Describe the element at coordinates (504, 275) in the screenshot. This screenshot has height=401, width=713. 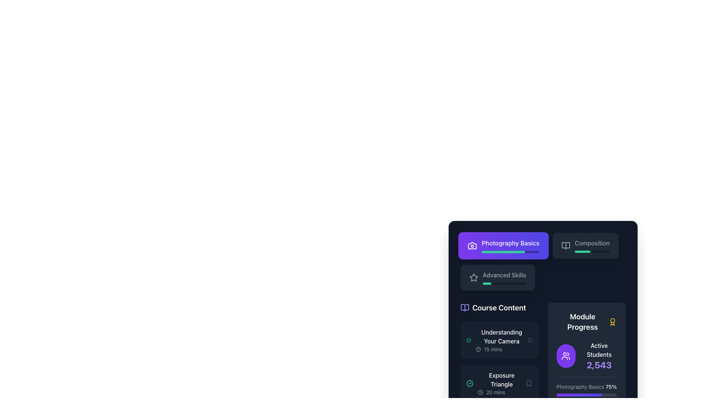
I see `the 'Advanced Skills' text label, which is displayed in a medium-weight font and styled in white or light gray against a dark background, located adjacent to a star icon and above a progress bar` at that location.